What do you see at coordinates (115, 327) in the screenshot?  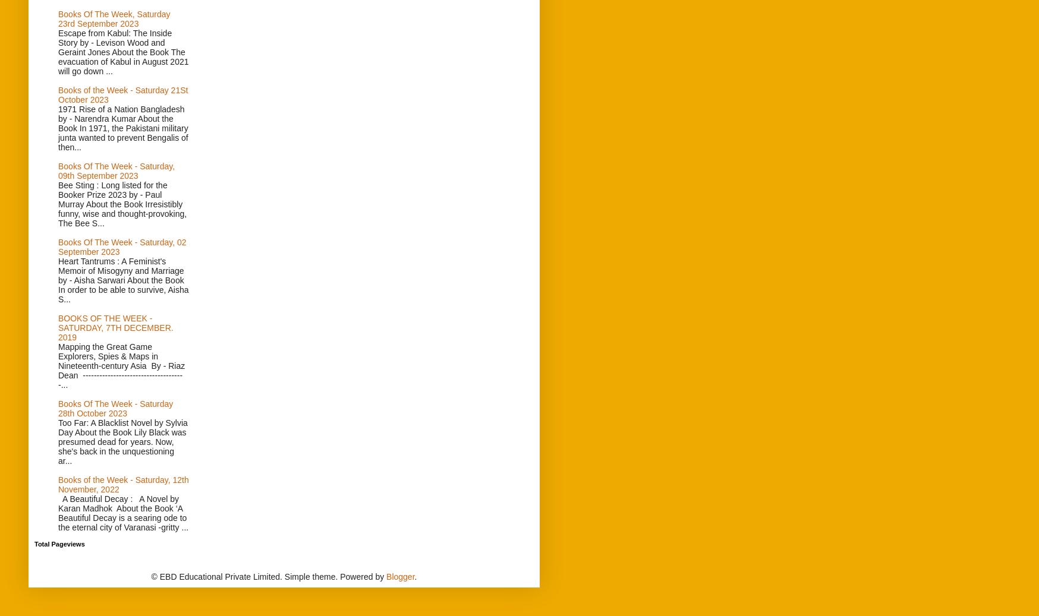 I see `'BOOKS OF THE WEEK - SATURDAY, 7TH DECEMBER. 2019'` at bounding box center [115, 327].